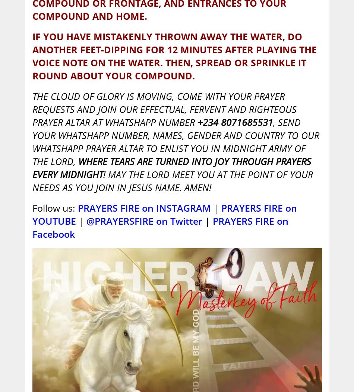  I want to click on 'THE CLOUD OF GLORY IS MOVING, COME WITH YOUR PRAYER REQUESTS AND JOIN OUR EFFECTUAL, FERVENT AND RIGHTEOUS PRAYER ALTAR AT WHATSHAPP NUMBER', so click(164, 109).